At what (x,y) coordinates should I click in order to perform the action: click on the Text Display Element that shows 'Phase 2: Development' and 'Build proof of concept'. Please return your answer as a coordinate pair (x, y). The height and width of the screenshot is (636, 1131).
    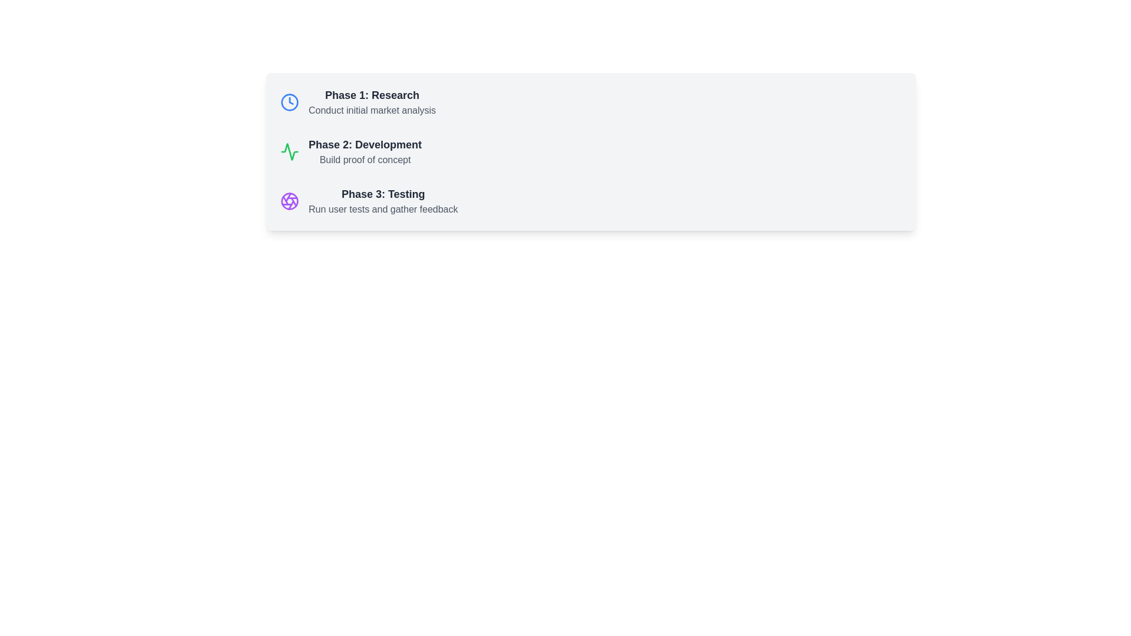
    Looking at the image, I should click on (364, 151).